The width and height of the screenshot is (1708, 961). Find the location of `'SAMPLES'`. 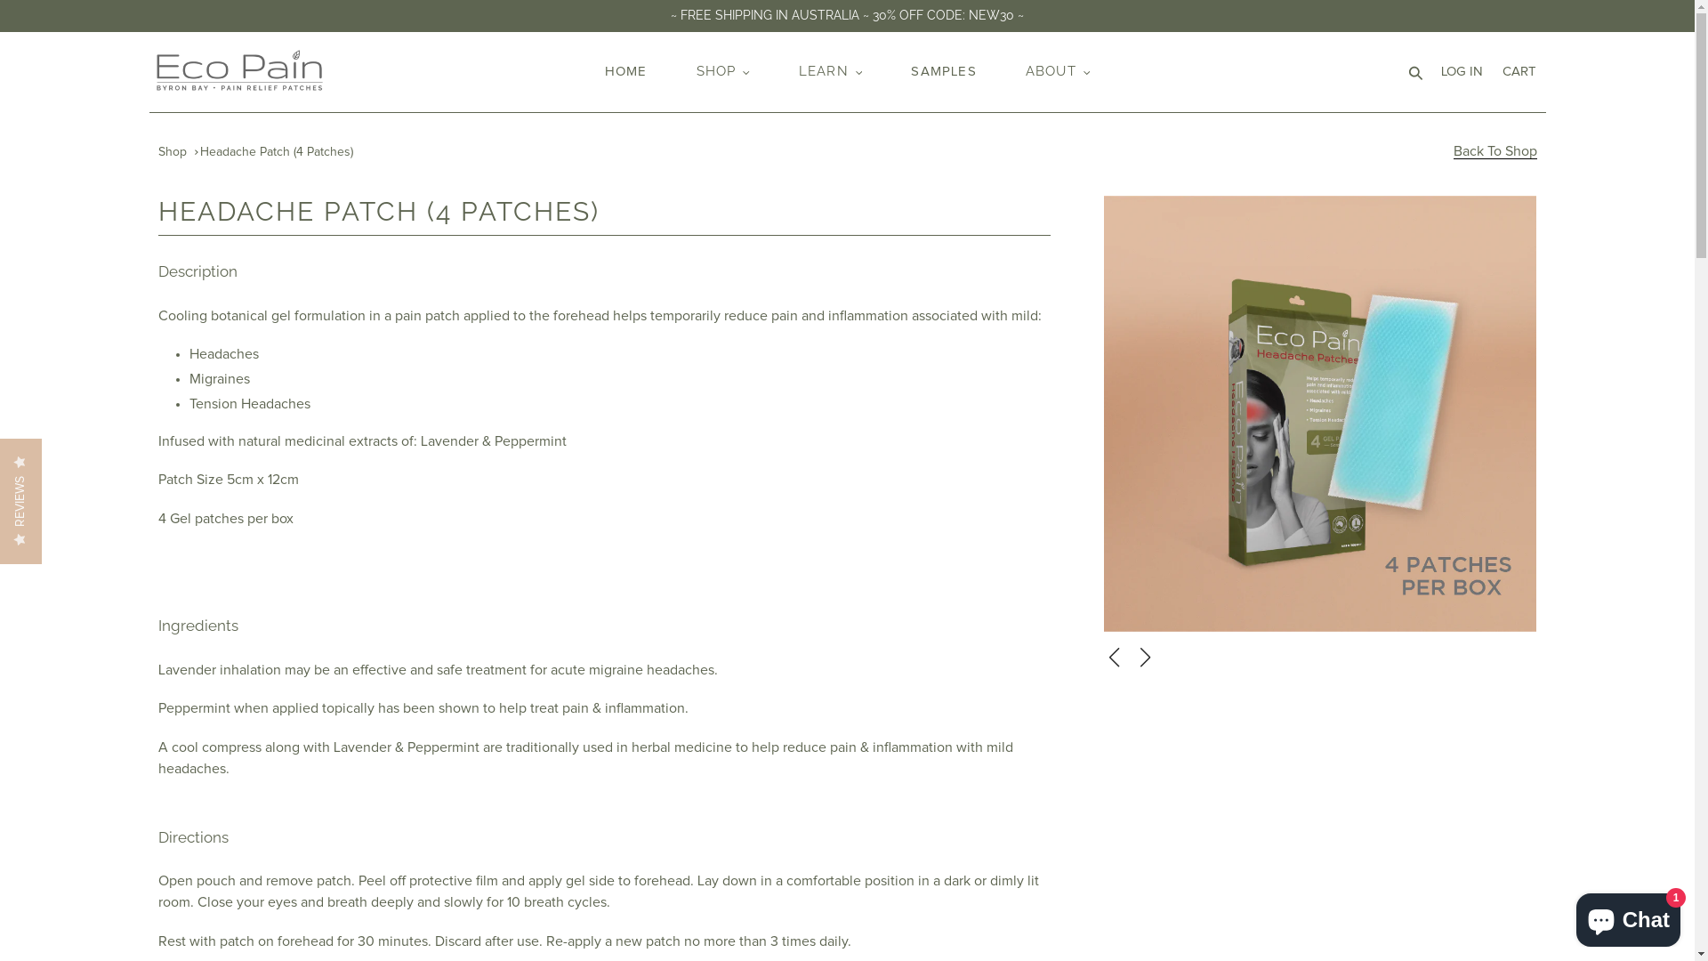

'SAMPLES' is located at coordinates (901, 71).